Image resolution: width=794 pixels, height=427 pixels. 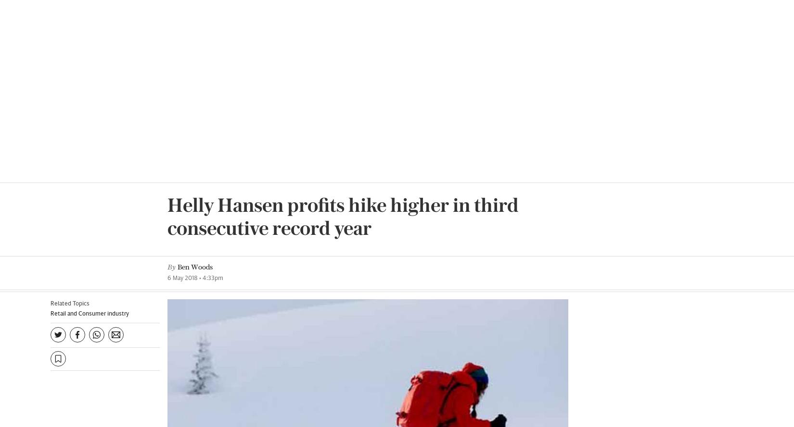 I want to click on 'Credit', so click(x=450, y=261).